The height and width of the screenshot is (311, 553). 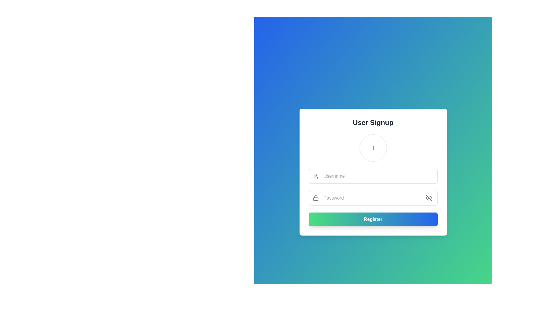 What do you see at coordinates (373, 147) in the screenshot?
I see `the circular dashed outline image upload placeholder with a plus symbol, located beneath the 'User Signup' heading` at bounding box center [373, 147].